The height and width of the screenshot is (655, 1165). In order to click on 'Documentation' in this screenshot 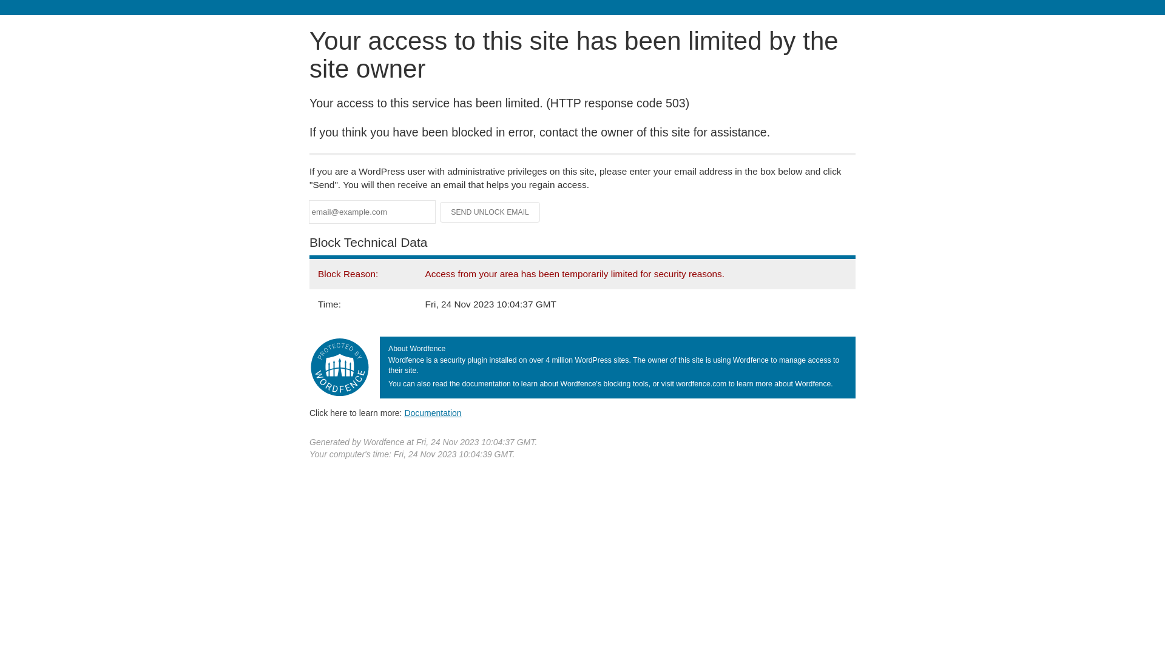, I will do `click(433, 412)`.